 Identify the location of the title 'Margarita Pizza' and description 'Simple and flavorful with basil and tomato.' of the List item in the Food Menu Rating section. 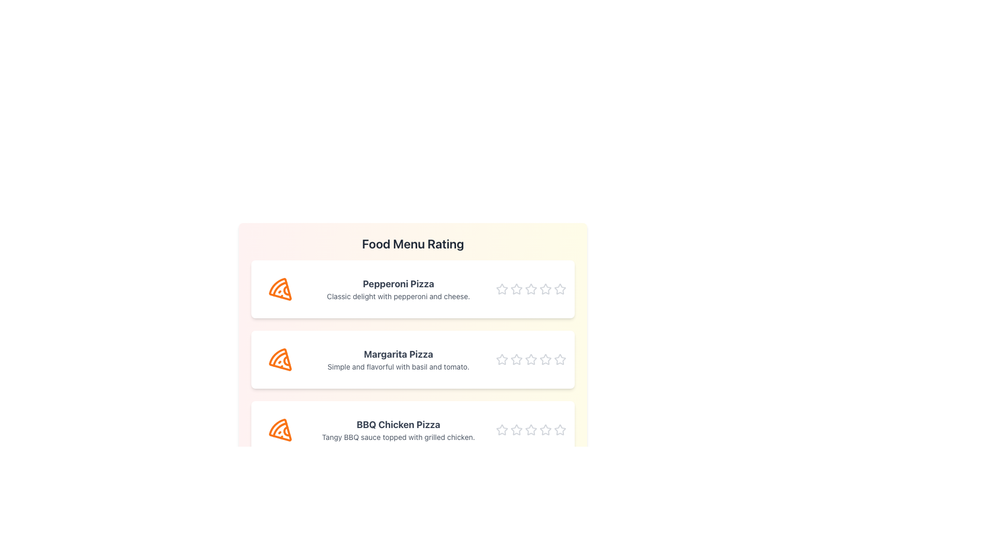
(412, 347).